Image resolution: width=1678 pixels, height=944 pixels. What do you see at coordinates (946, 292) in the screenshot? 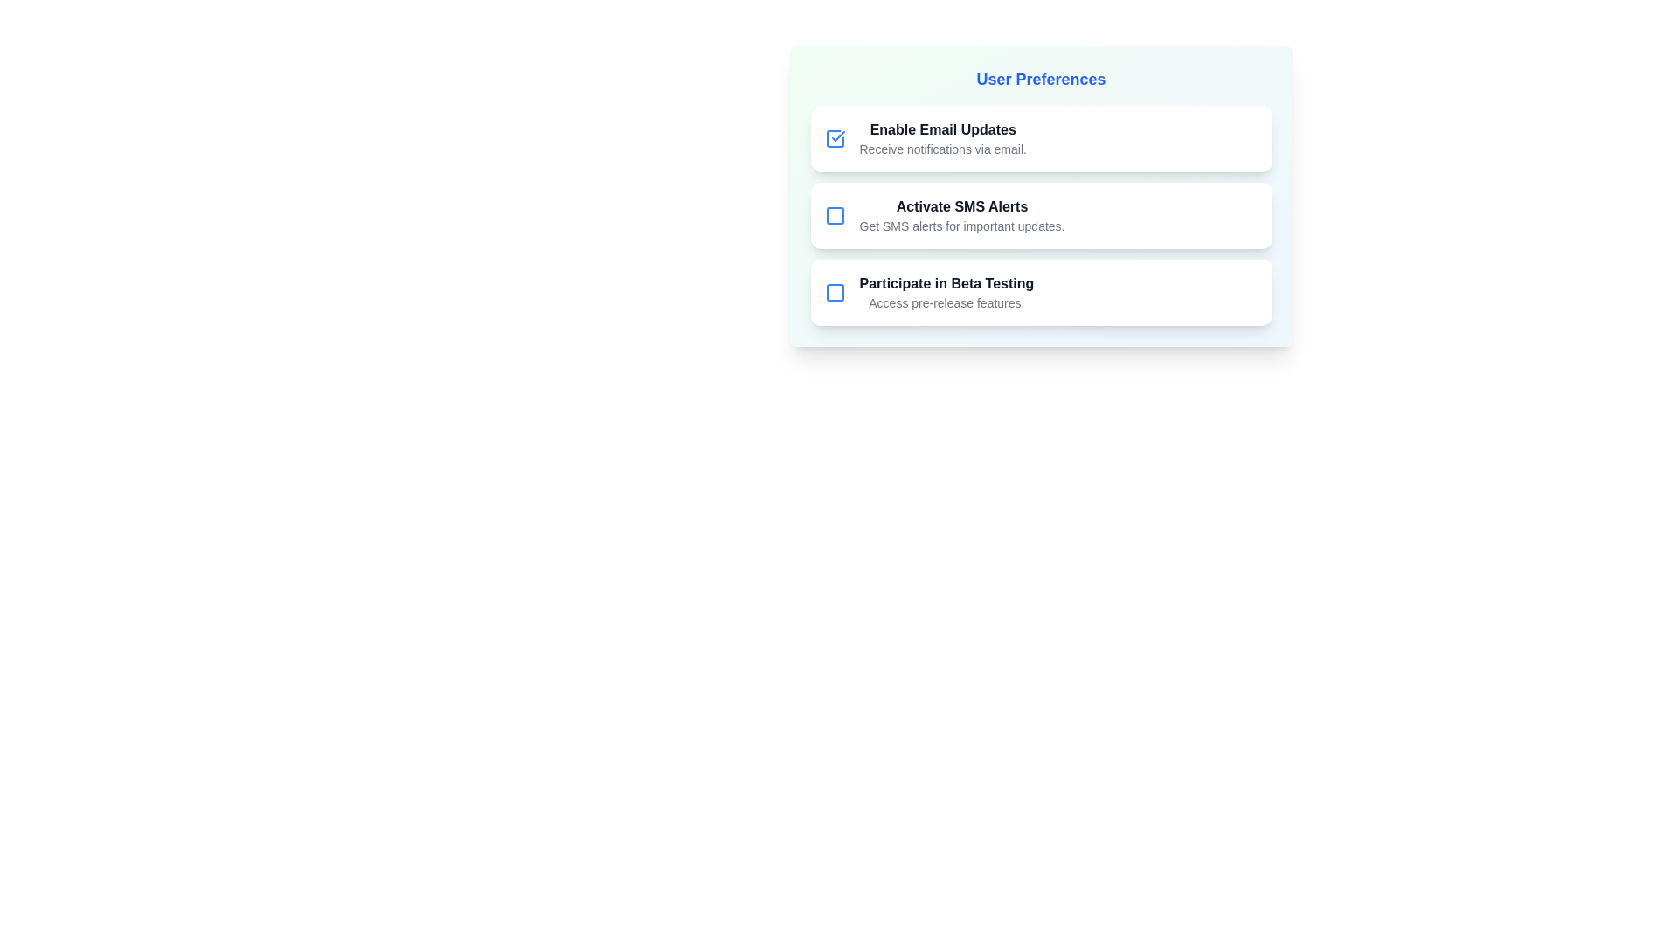
I see `the Informational Text Block that displays 'Participate in Beta Testing' and 'Access pre-release features.'` at bounding box center [946, 292].